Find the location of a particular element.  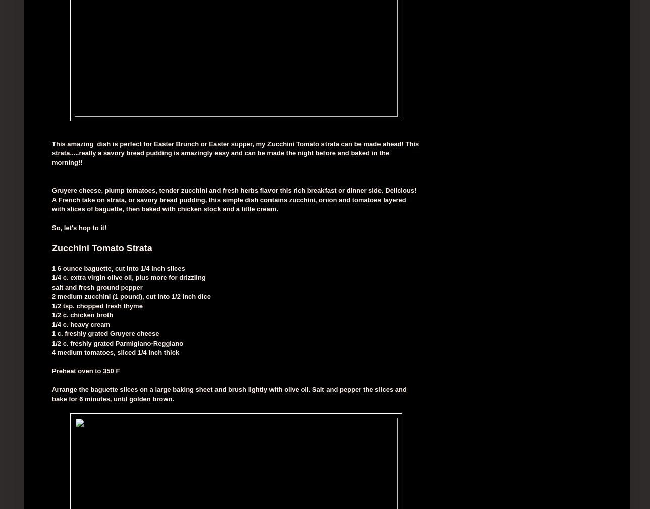

'Zucchini Tomato Strata' is located at coordinates (101, 247).